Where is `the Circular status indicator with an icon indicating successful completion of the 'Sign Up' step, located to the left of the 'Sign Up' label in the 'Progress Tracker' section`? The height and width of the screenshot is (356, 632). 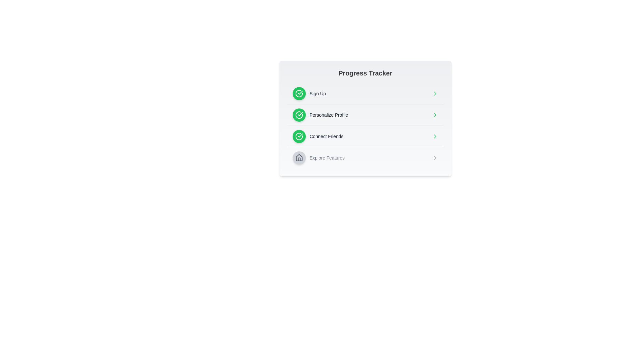
the Circular status indicator with an icon indicating successful completion of the 'Sign Up' step, located to the left of the 'Sign Up' label in the 'Progress Tracker' section is located at coordinates (299, 94).